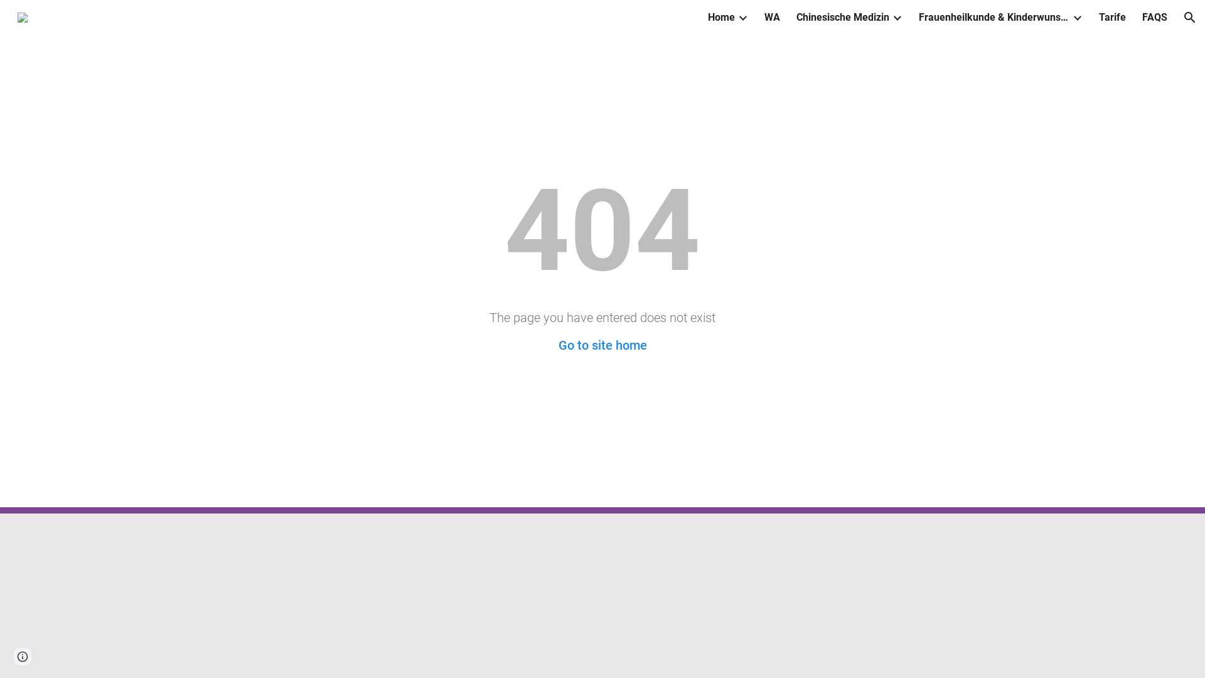 The width and height of the screenshot is (1205, 678). What do you see at coordinates (557, 345) in the screenshot?
I see `'Go to site home'` at bounding box center [557, 345].